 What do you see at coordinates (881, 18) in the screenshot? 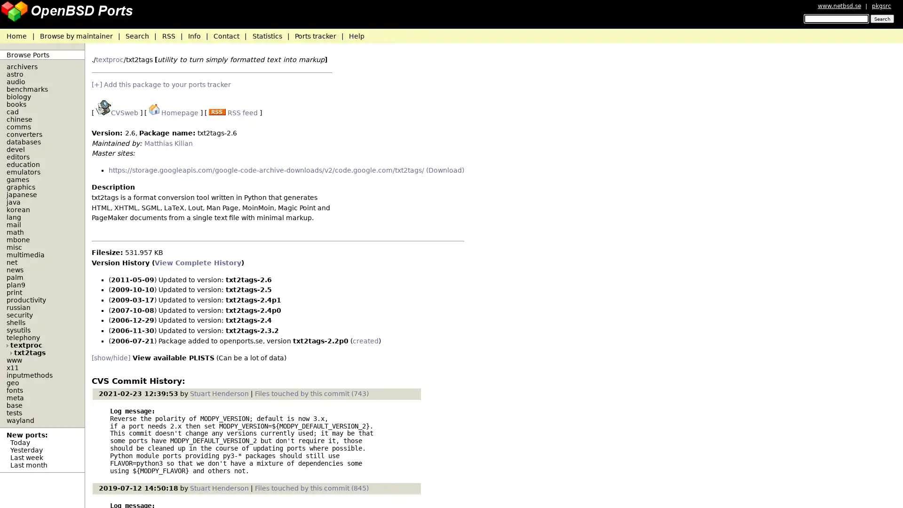
I see `Search` at bounding box center [881, 18].